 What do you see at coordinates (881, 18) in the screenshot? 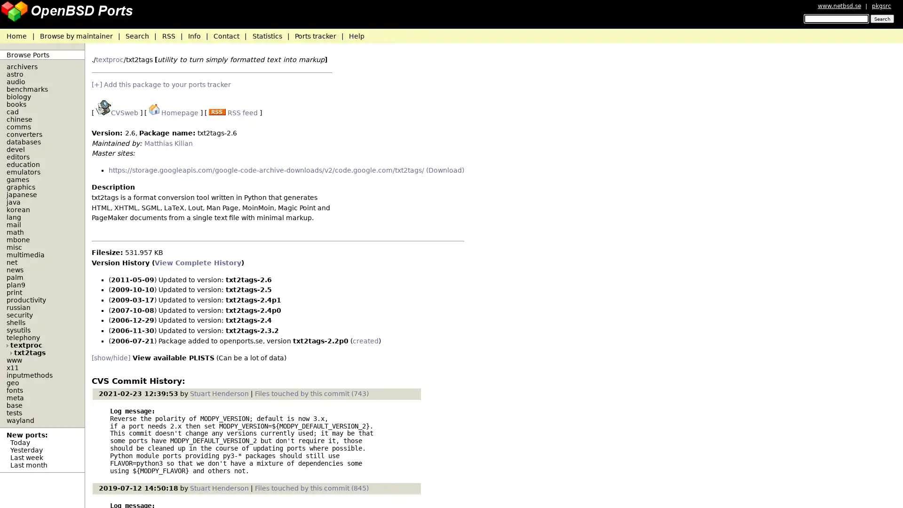
I see `Search` at bounding box center [881, 18].